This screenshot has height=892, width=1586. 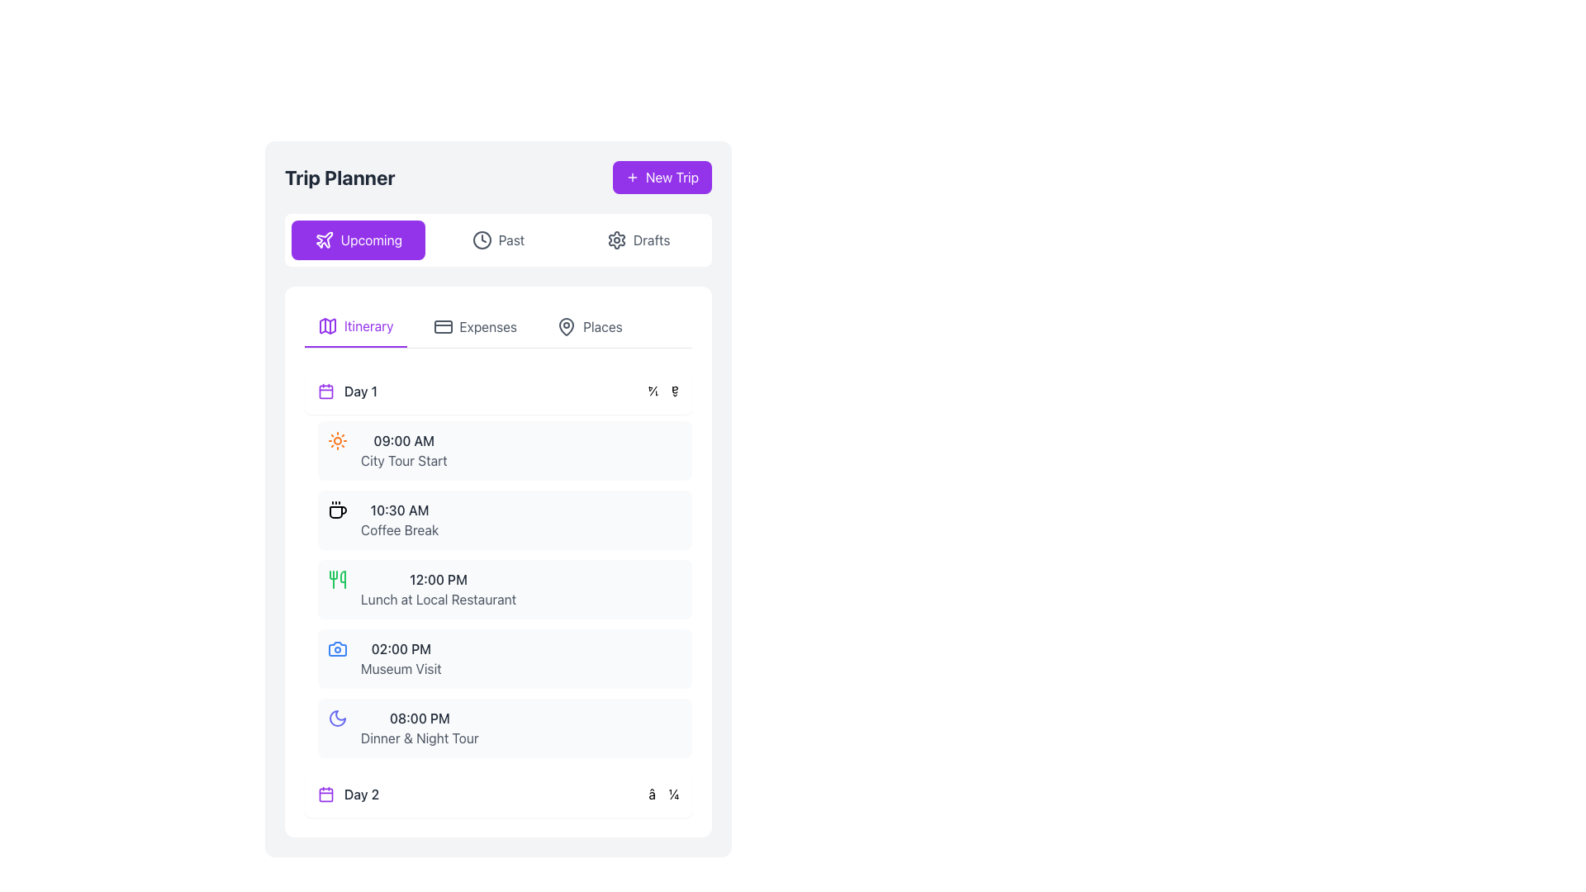 What do you see at coordinates (328, 325) in the screenshot?
I see `the purple map icon located to the left of the 'Itinerary' text in the top section of the tabbed interface` at bounding box center [328, 325].